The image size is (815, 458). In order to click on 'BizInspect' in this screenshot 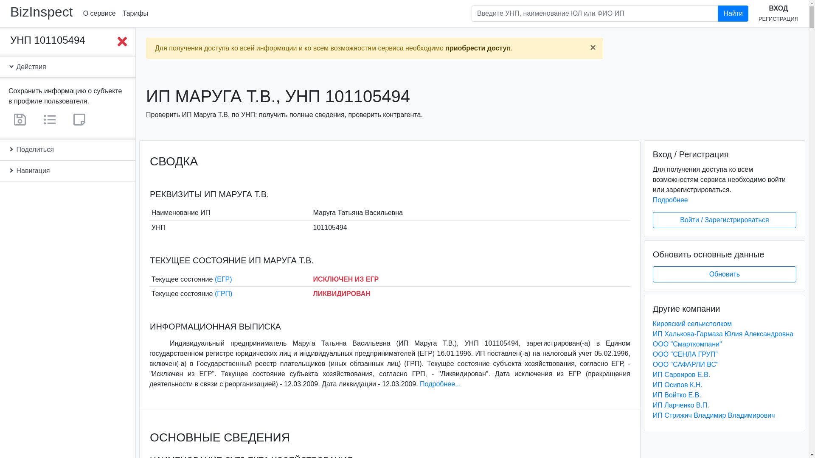, I will do `click(41, 11)`.